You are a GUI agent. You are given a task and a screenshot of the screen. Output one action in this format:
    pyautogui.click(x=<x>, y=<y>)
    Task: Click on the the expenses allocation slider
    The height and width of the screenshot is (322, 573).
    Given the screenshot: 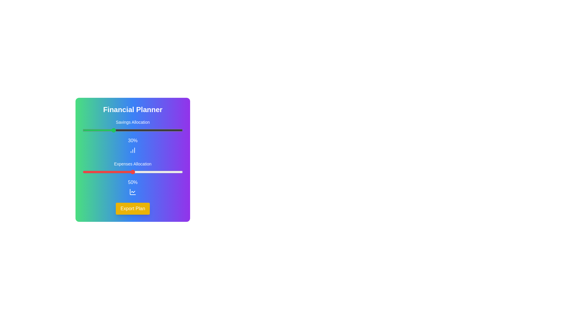 What is the action you would take?
    pyautogui.click(x=150, y=172)
    